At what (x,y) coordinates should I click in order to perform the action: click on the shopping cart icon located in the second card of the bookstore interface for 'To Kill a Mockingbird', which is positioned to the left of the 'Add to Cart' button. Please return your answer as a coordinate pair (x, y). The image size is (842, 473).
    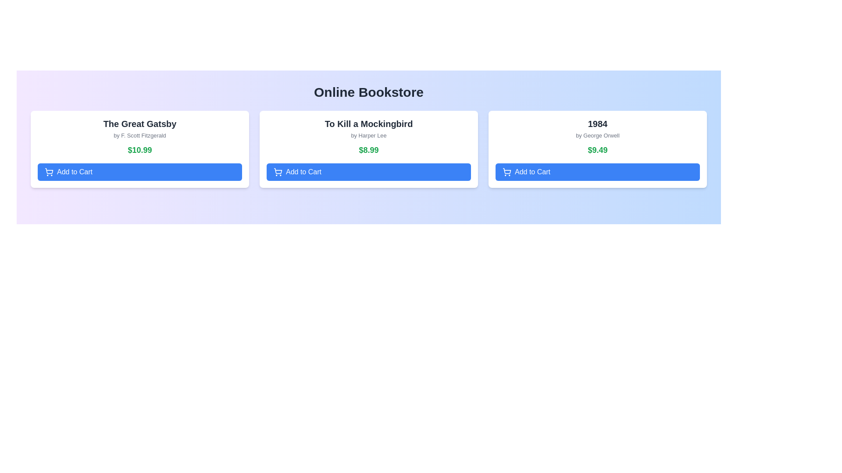
    Looking at the image, I should click on (277, 171).